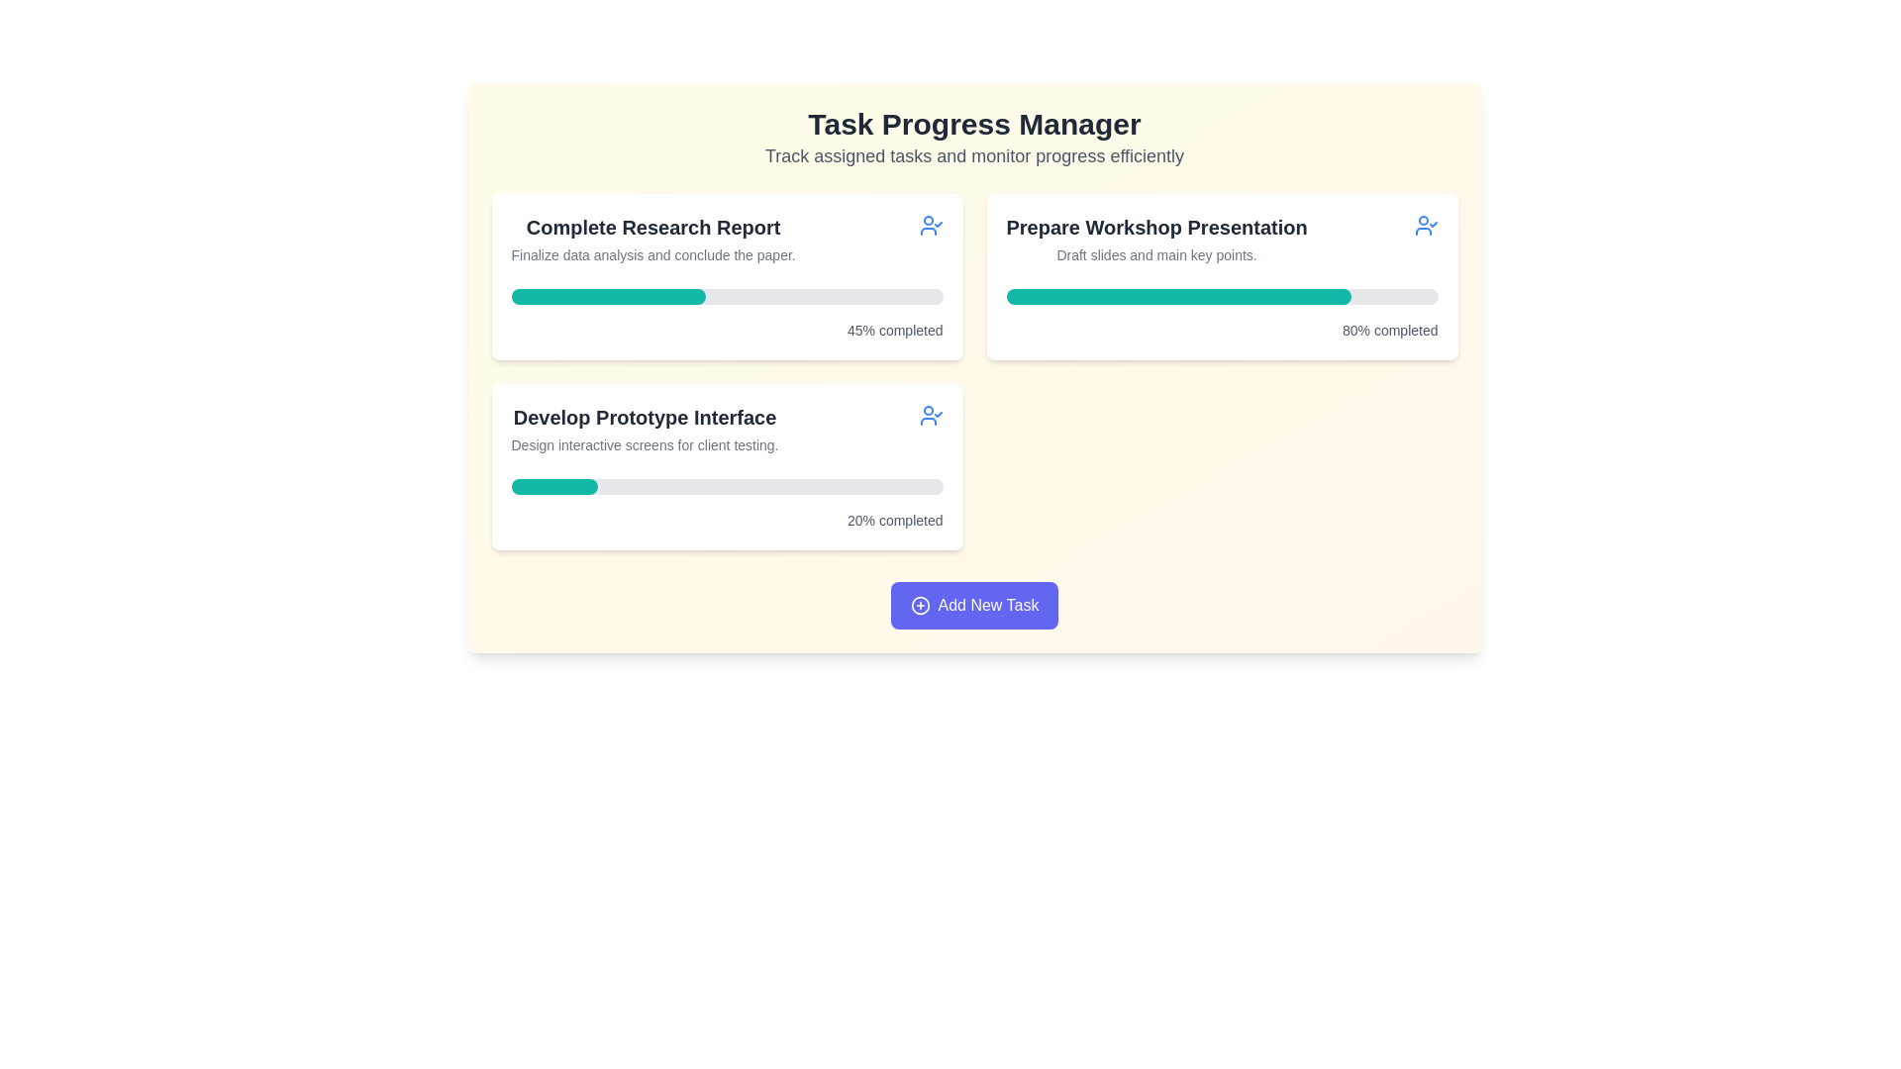 The width and height of the screenshot is (1901, 1069). What do you see at coordinates (653, 254) in the screenshot?
I see `the text label displaying 'Finalize data analysis and conclude the paper.' which is positioned below the title 'Complete Research Report' within a task card on the left side of the main dashboard interface` at bounding box center [653, 254].